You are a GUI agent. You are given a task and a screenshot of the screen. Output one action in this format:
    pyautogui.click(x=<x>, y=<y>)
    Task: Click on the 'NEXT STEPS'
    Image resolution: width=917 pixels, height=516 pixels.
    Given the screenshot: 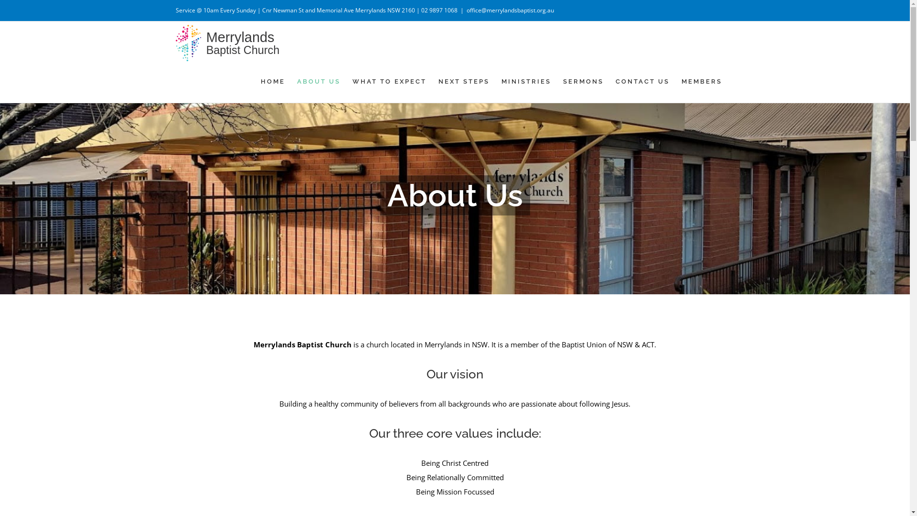 What is the action you would take?
    pyautogui.click(x=464, y=80)
    